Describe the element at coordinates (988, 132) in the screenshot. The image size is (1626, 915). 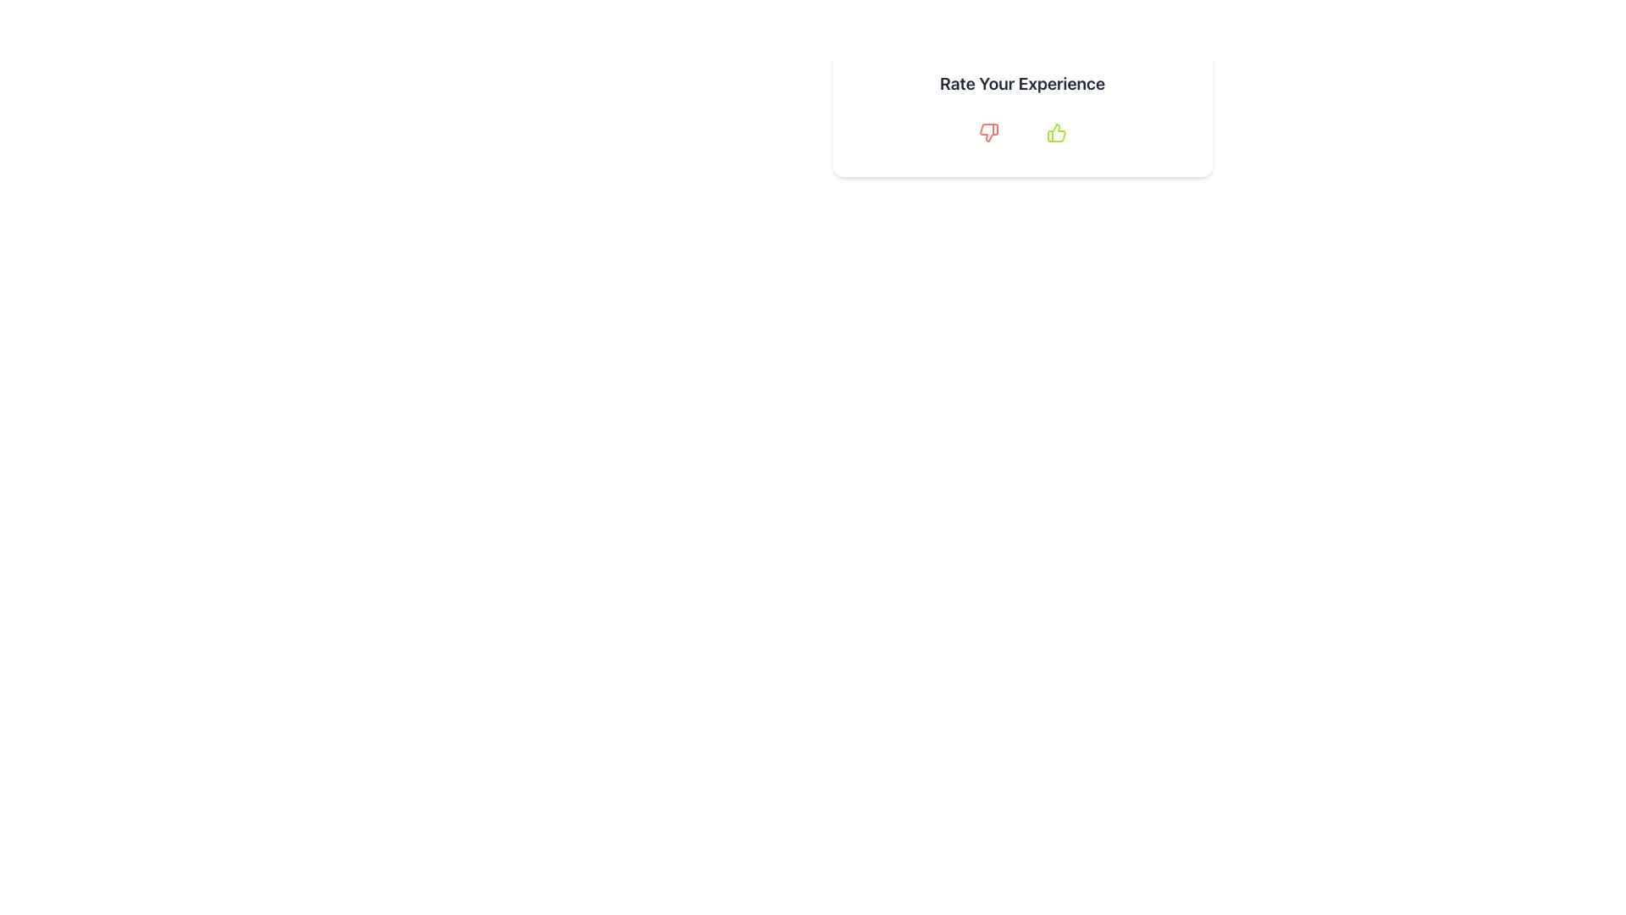
I see `the negative feedback icon positioned on the left side of the feedback options, aligned horizontally with a green thumbs-up icon` at that location.